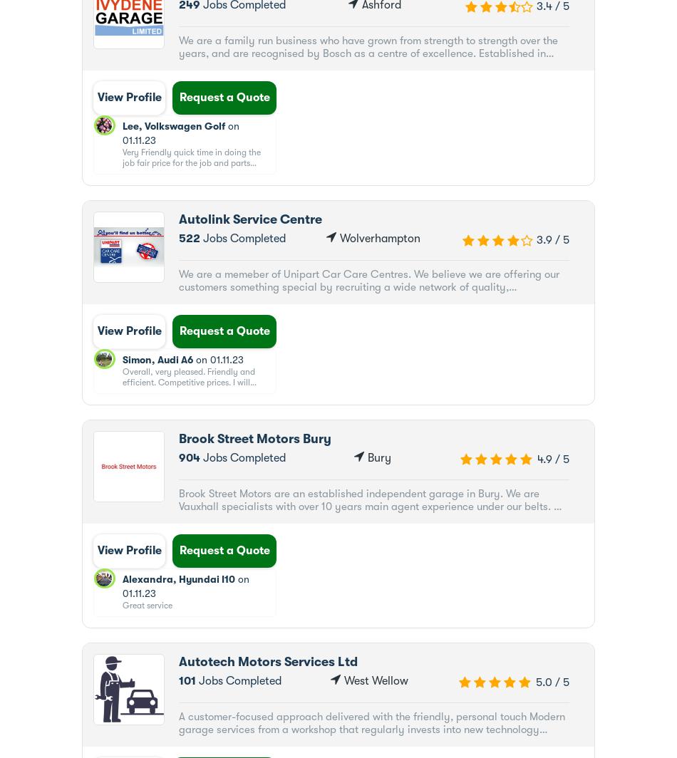  I want to click on 'Simon, Audi A6', so click(157, 359).